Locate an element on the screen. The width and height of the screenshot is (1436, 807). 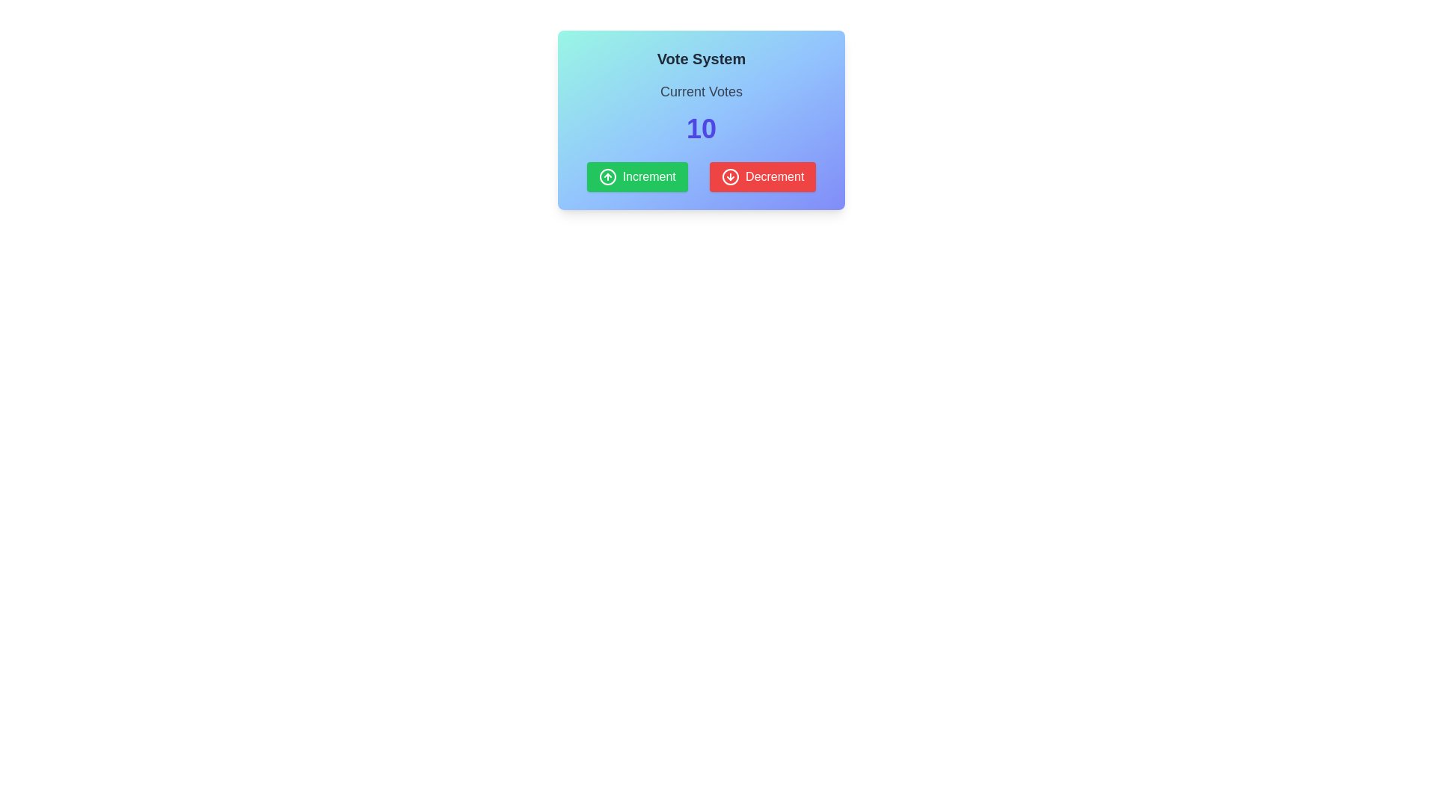
the icon on the left end of the 'Decrement' button located at the bottom right corner of the 'Vote System' card is located at coordinates (731, 176).